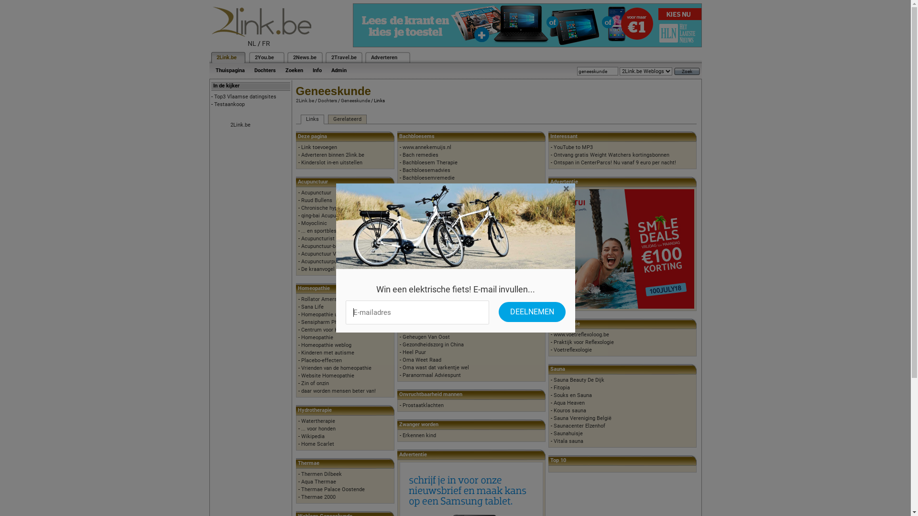 The height and width of the screenshot is (516, 918). Describe the element at coordinates (435, 367) in the screenshot. I see `'Oma wast dat varkentje wel'` at that location.